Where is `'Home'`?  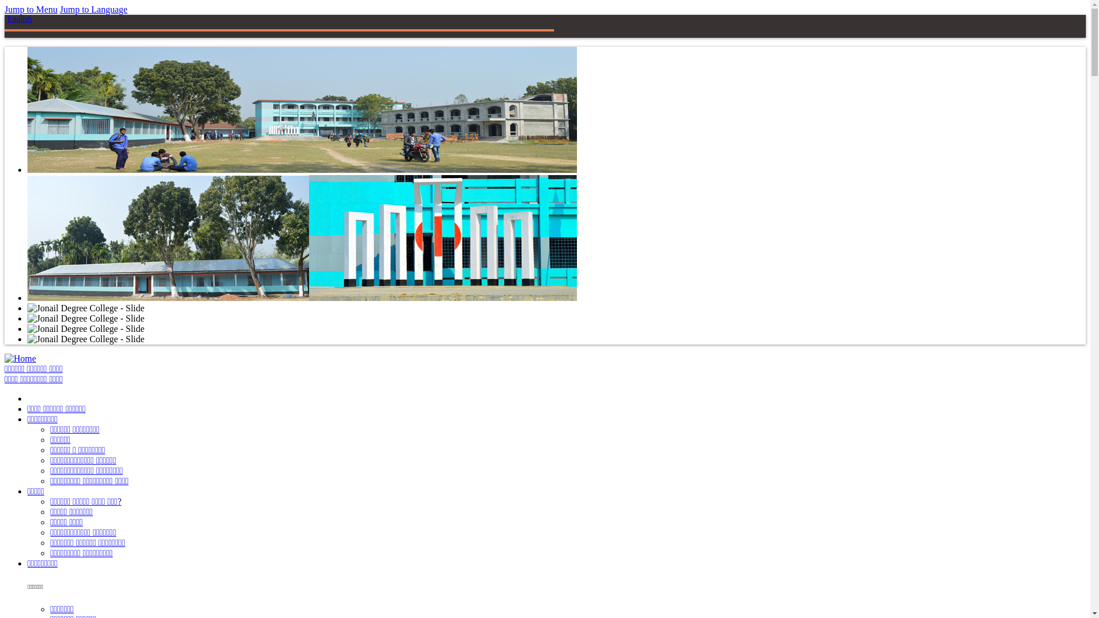
'Home' is located at coordinates (20, 358).